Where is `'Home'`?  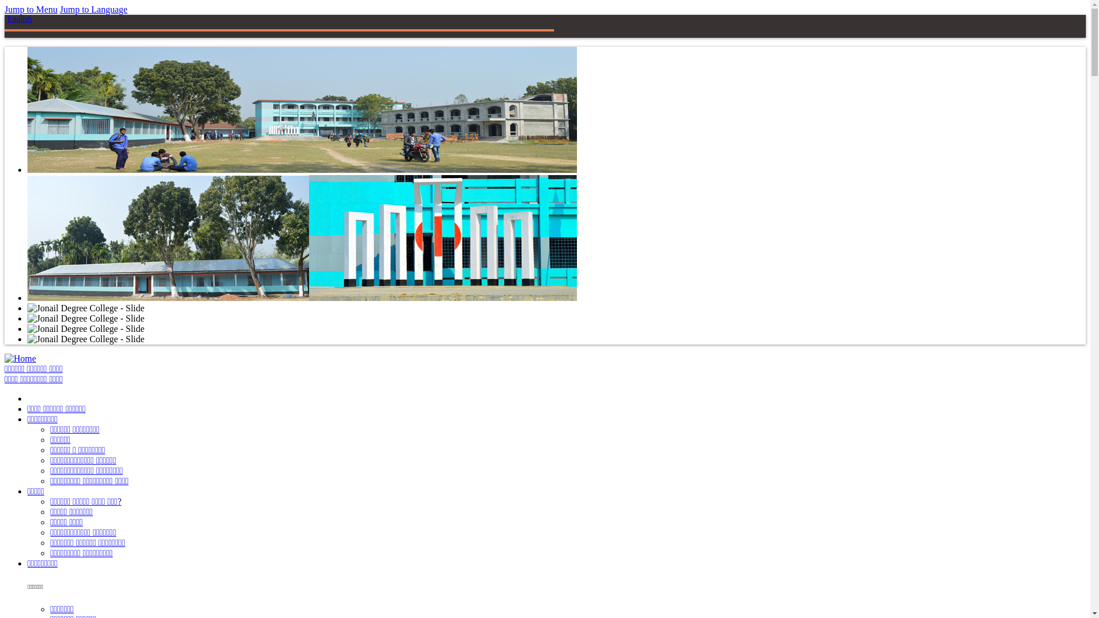
'Home' is located at coordinates (20, 358).